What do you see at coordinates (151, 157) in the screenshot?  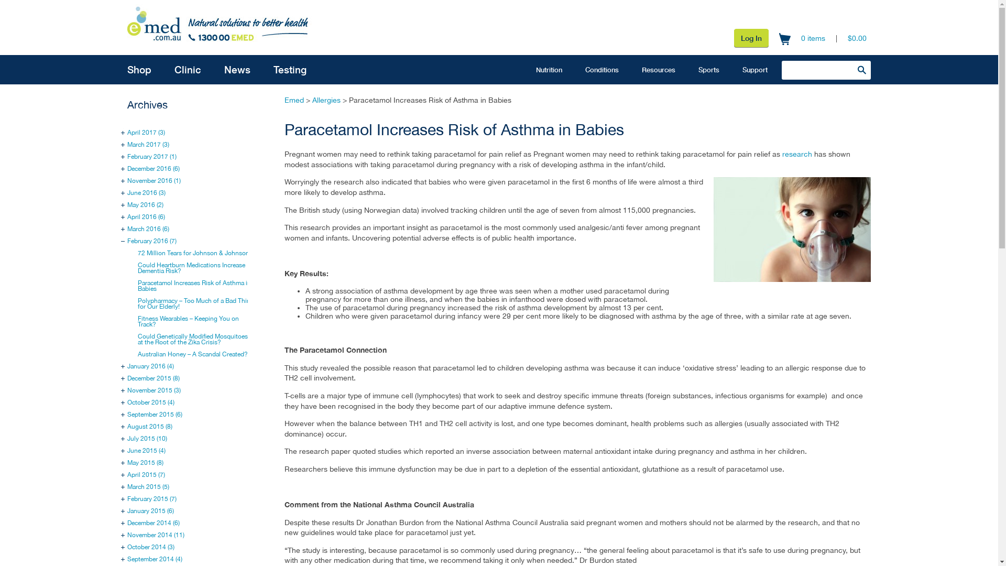 I see `'February 2017 (1)'` at bounding box center [151, 157].